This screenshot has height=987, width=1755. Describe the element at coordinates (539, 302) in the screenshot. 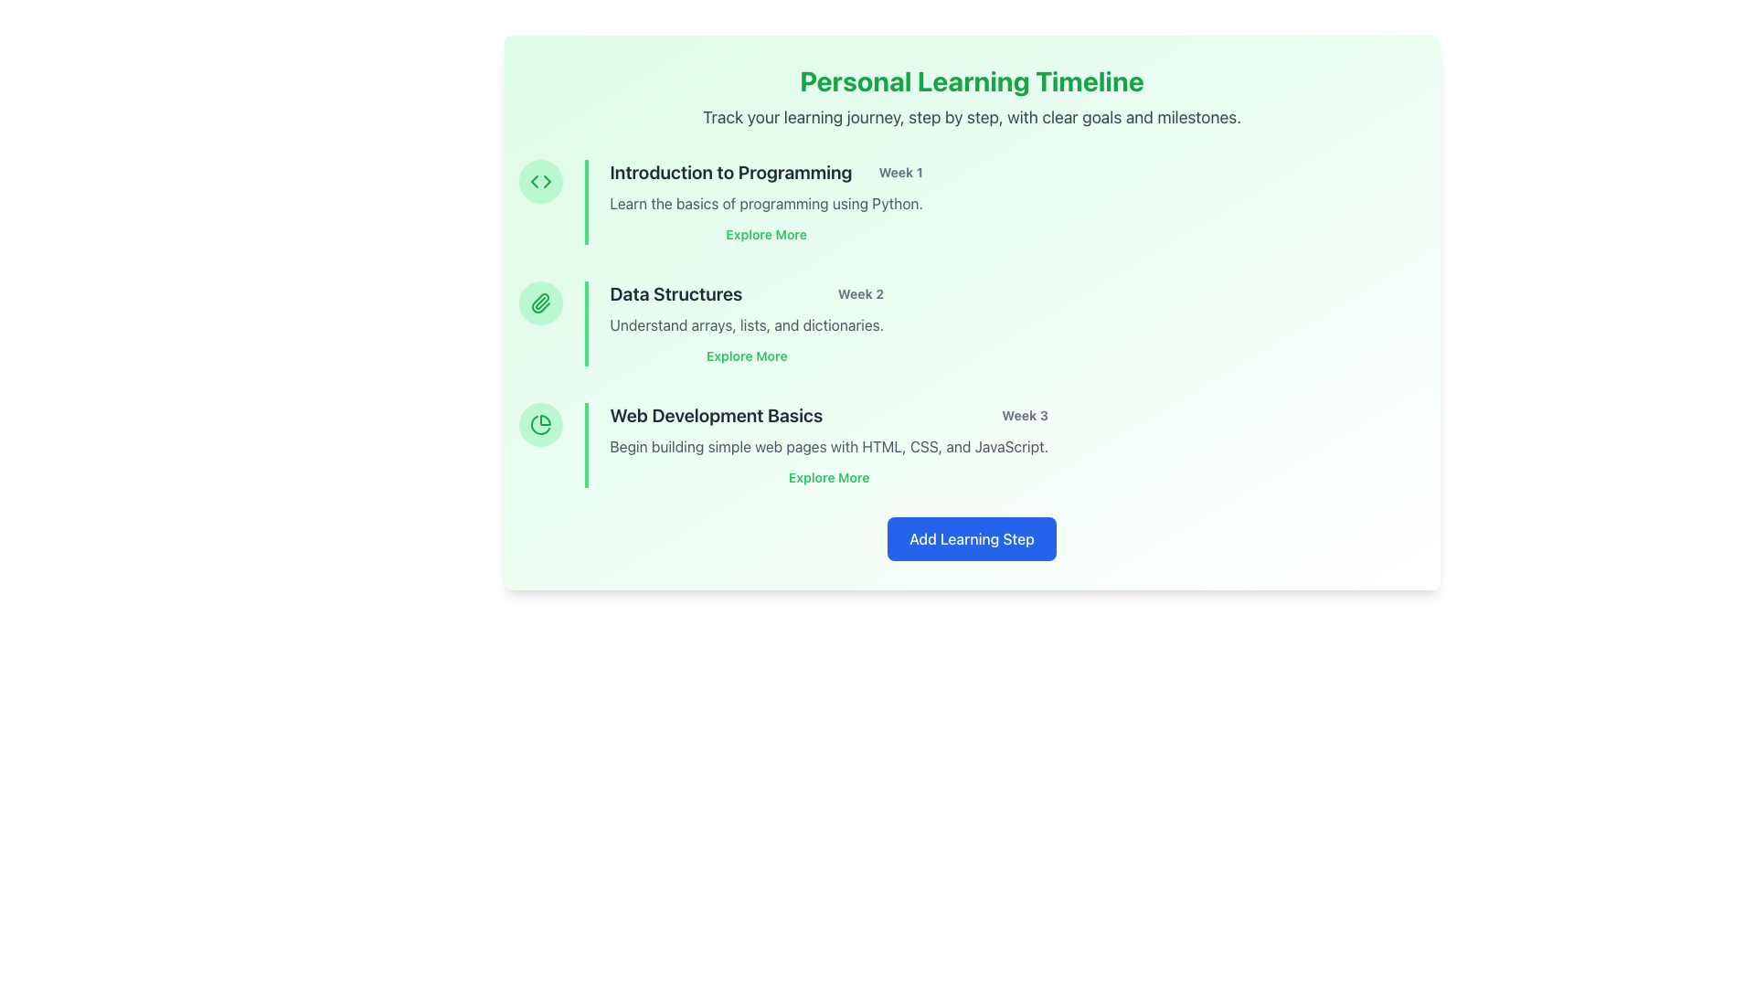

I see `the green paperclip icon located to the left of the 'Data Structures' content, which is the second icon in a vertical list of similar icons` at that location.